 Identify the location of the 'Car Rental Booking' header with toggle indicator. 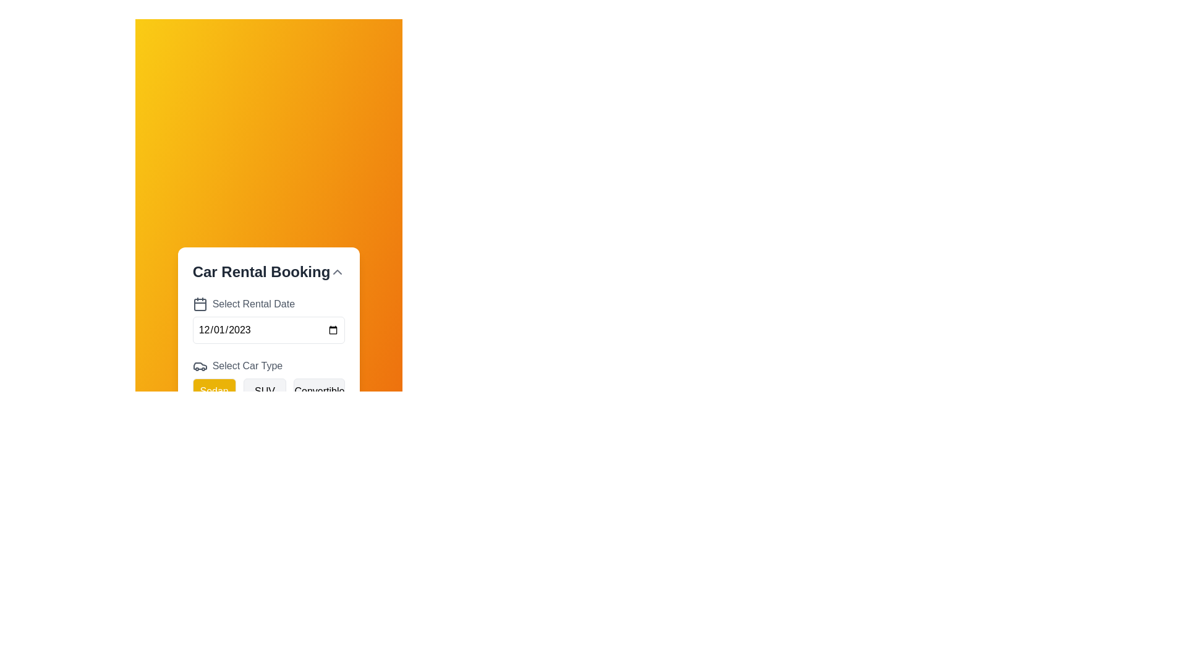
(268, 271).